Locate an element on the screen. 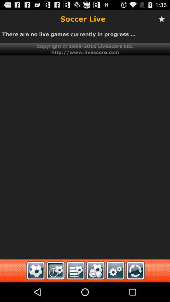 The width and height of the screenshot is (170, 302). the refresh icon is located at coordinates (135, 290).